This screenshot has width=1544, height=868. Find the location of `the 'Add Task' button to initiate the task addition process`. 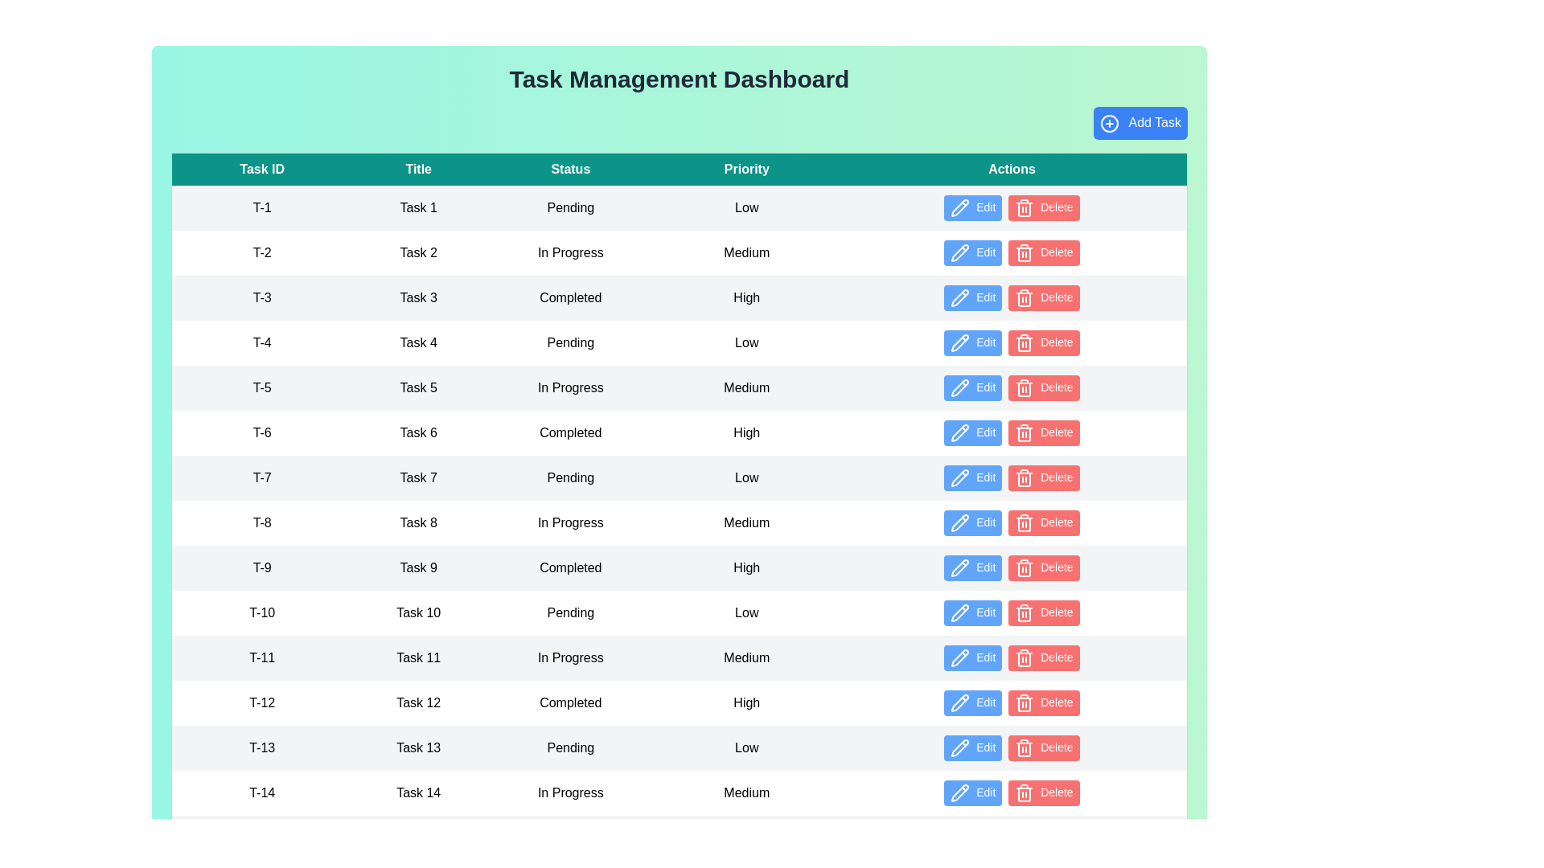

the 'Add Task' button to initiate the task addition process is located at coordinates (1139, 122).